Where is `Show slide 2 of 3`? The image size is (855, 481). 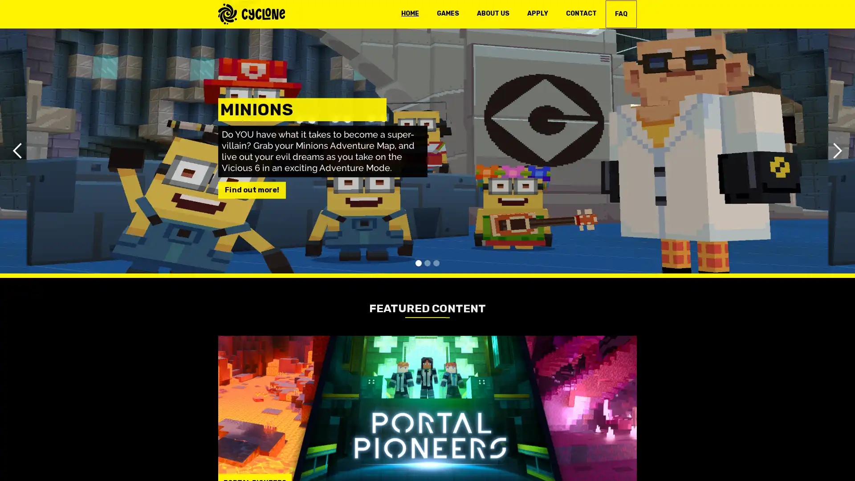 Show slide 2 of 3 is located at coordinates (427, 262).